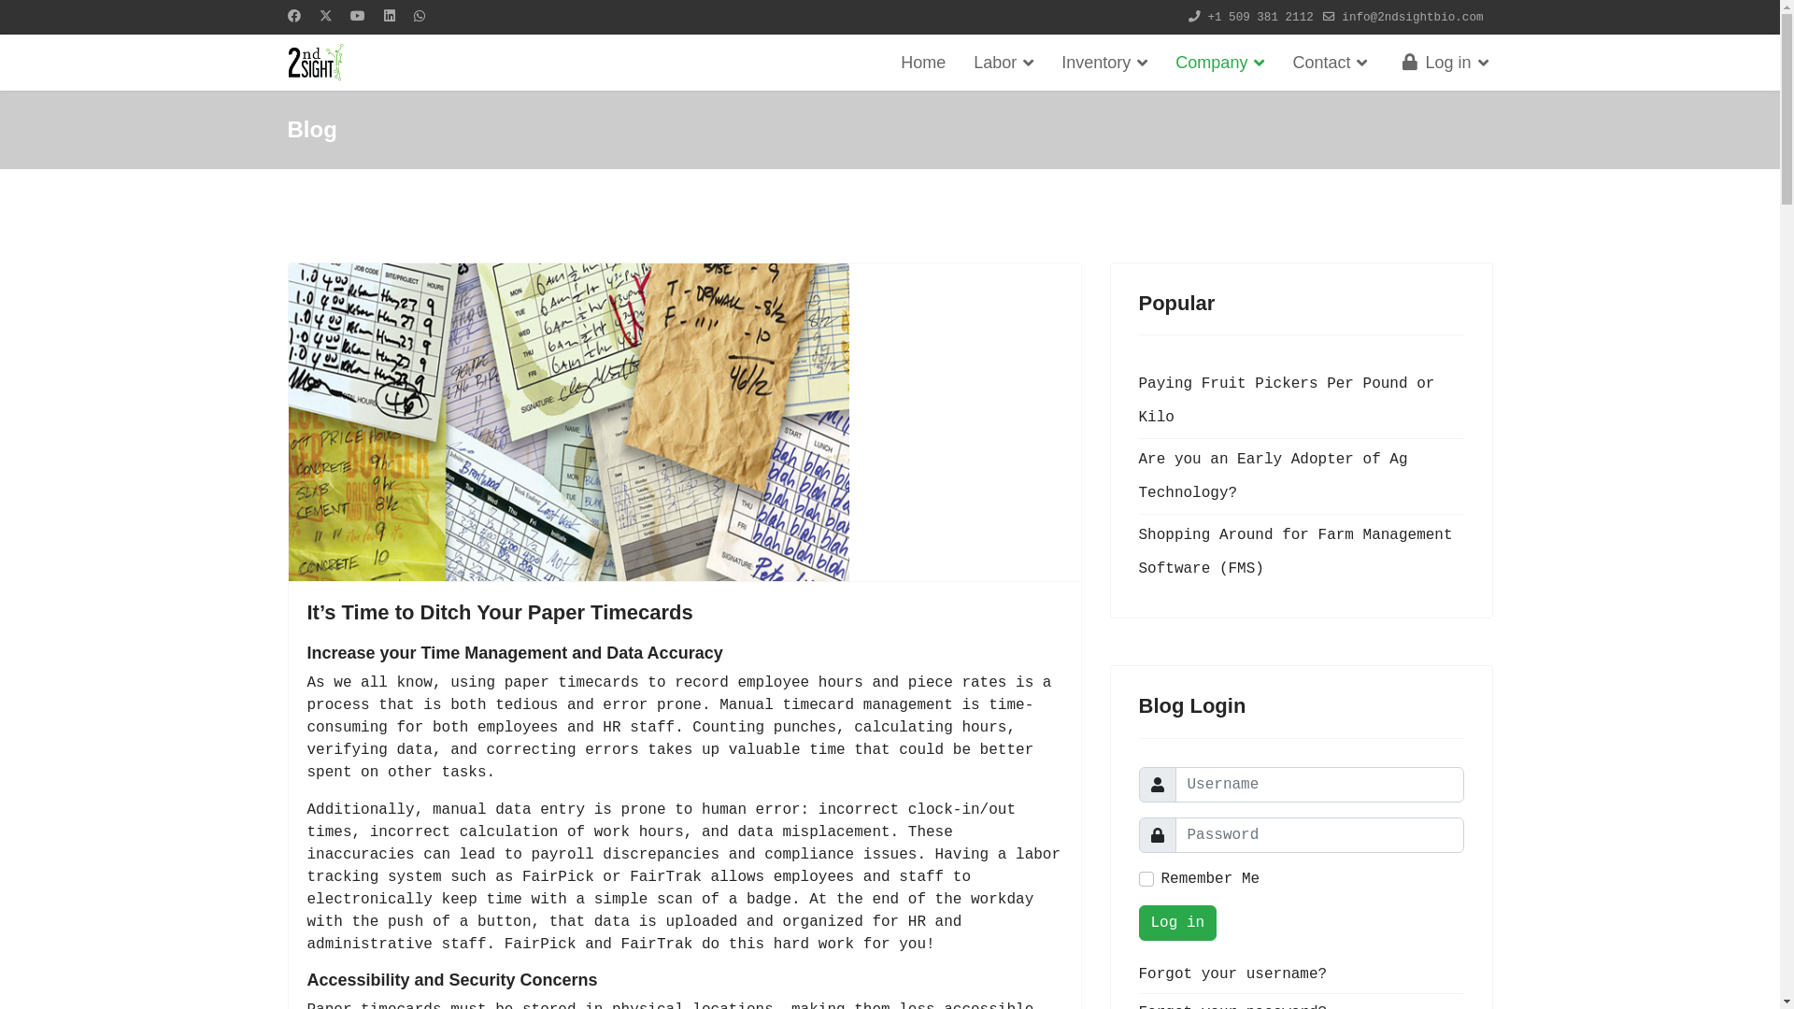 The height and width of the screenshot is (1009, 1794). I want to click on 'Home', so click(923, 61).